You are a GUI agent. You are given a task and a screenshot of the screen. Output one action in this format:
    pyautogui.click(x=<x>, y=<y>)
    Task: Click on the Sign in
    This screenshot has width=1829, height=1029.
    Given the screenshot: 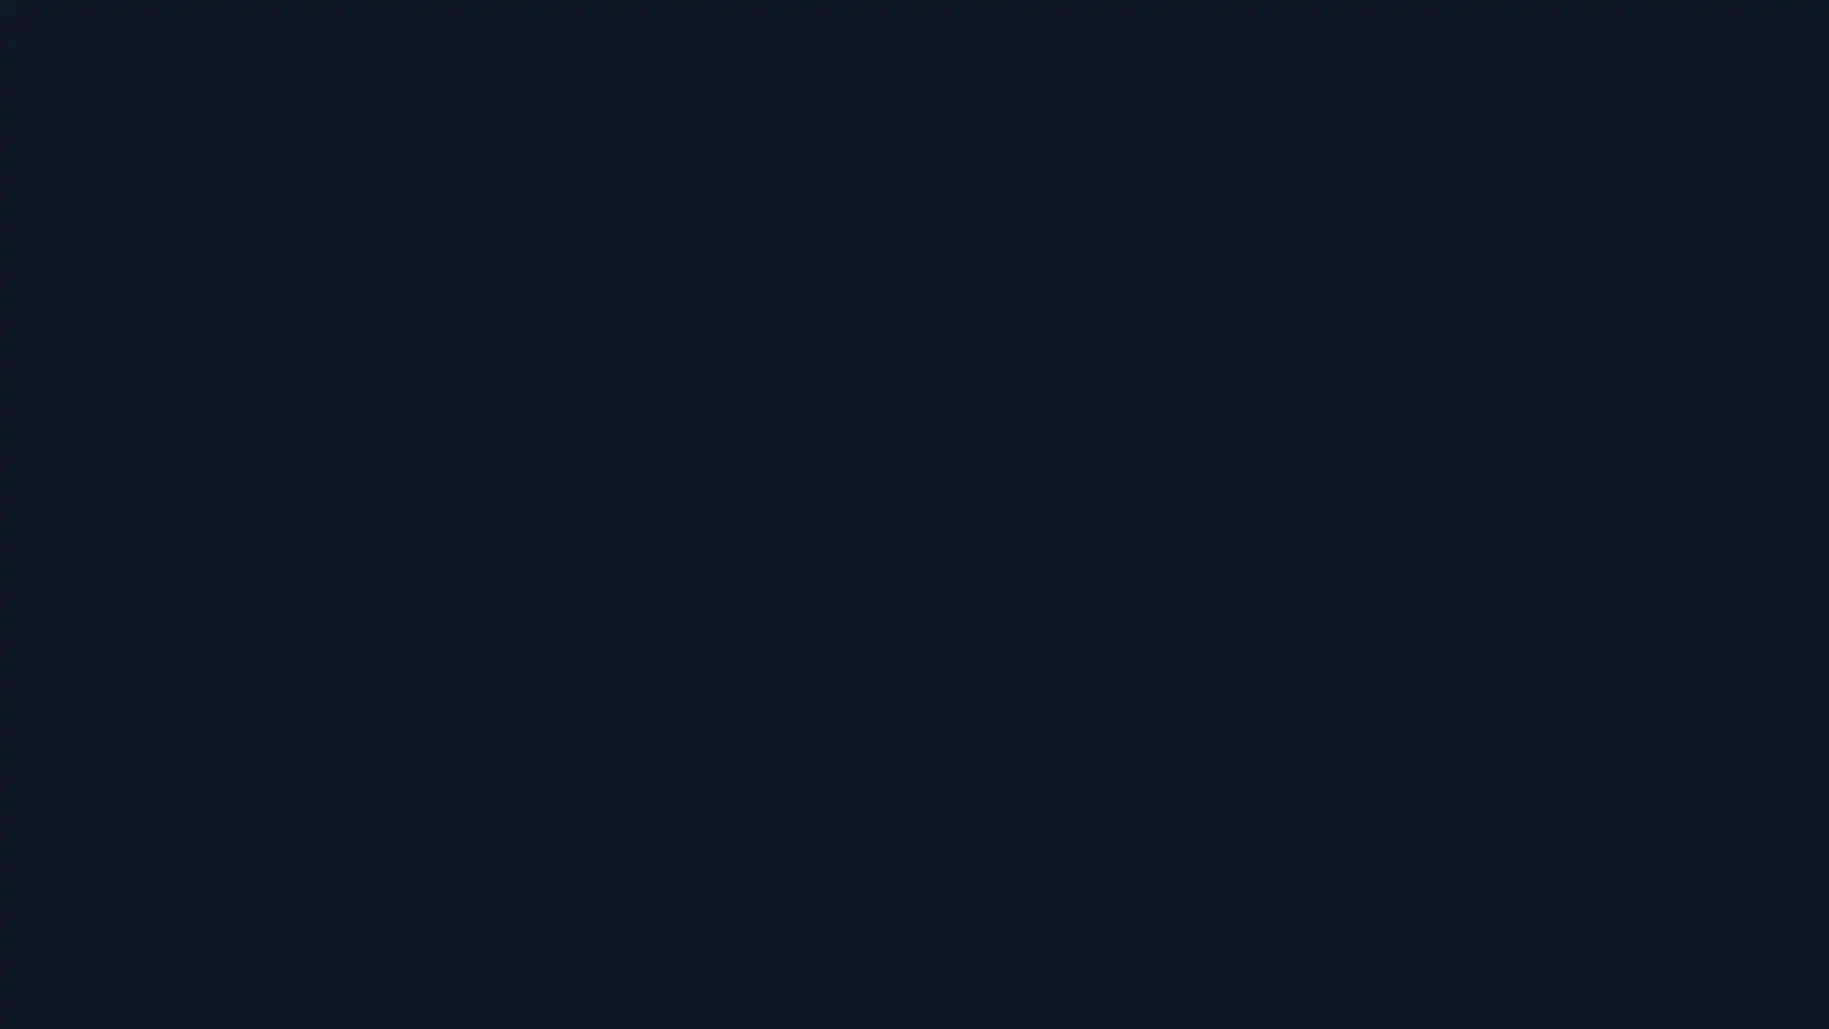 What is the action you would take?
    pyautogui.click(x=914, y=414)
    